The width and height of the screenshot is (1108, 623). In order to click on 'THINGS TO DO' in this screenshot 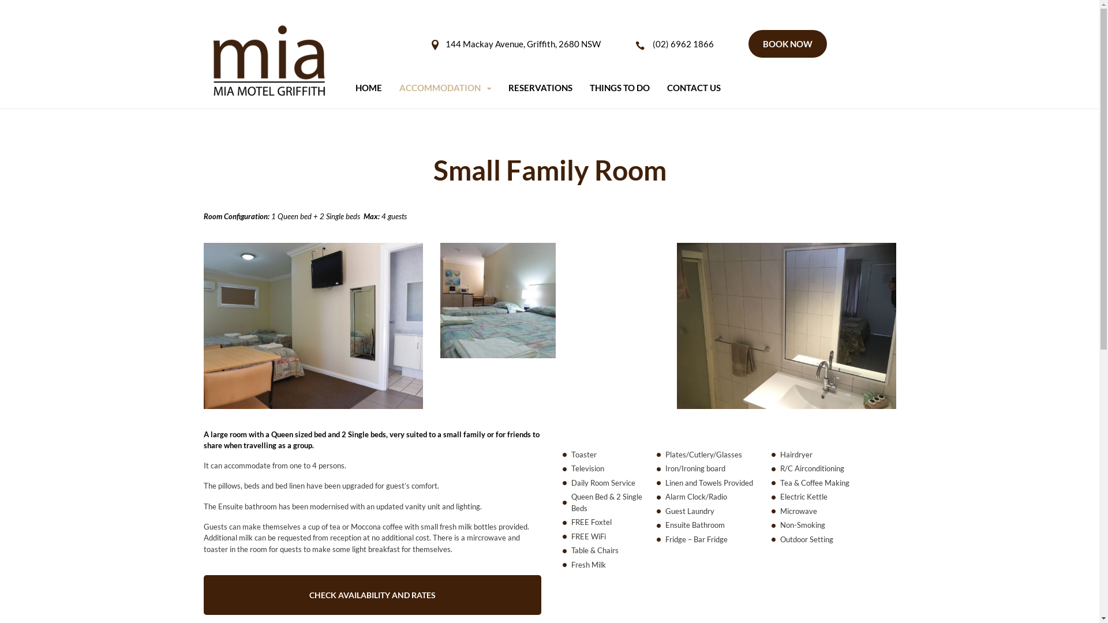, I will do `click(619, 88)`.